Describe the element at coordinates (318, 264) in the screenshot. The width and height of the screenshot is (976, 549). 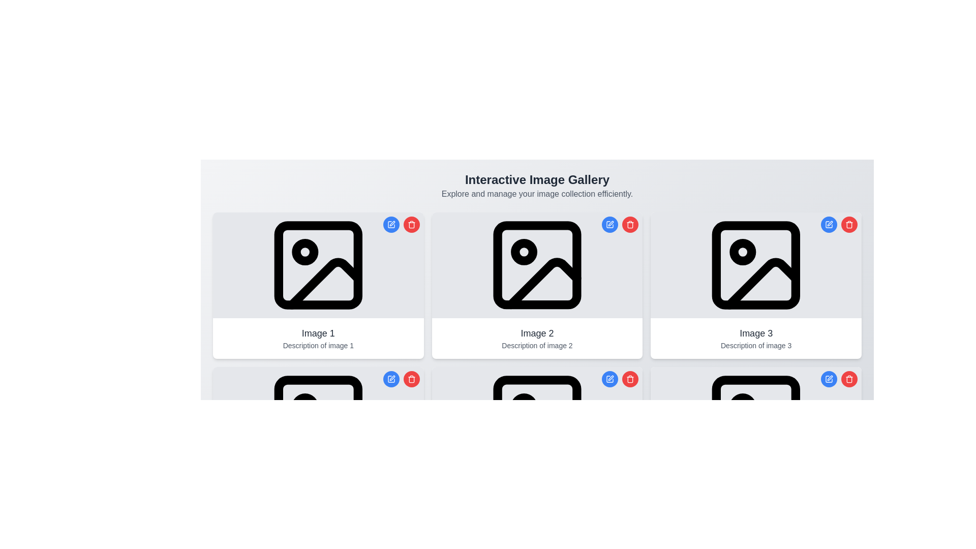
I see `the small rectangle with rounded corners located in the top-left corner of the photo graphic within the 'Image 1' card` at that location.